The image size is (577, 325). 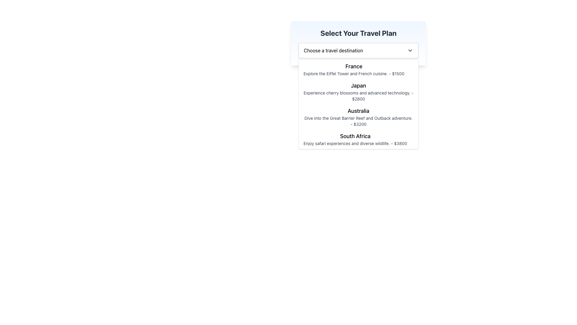 What do you see at coordinates (359, 117) in the screenshot?
I see `to select the travel option 'Australia' from the dropdown menu, which is the third option listed after 'France' and 'Japan'` at bounding box center [359, 117].